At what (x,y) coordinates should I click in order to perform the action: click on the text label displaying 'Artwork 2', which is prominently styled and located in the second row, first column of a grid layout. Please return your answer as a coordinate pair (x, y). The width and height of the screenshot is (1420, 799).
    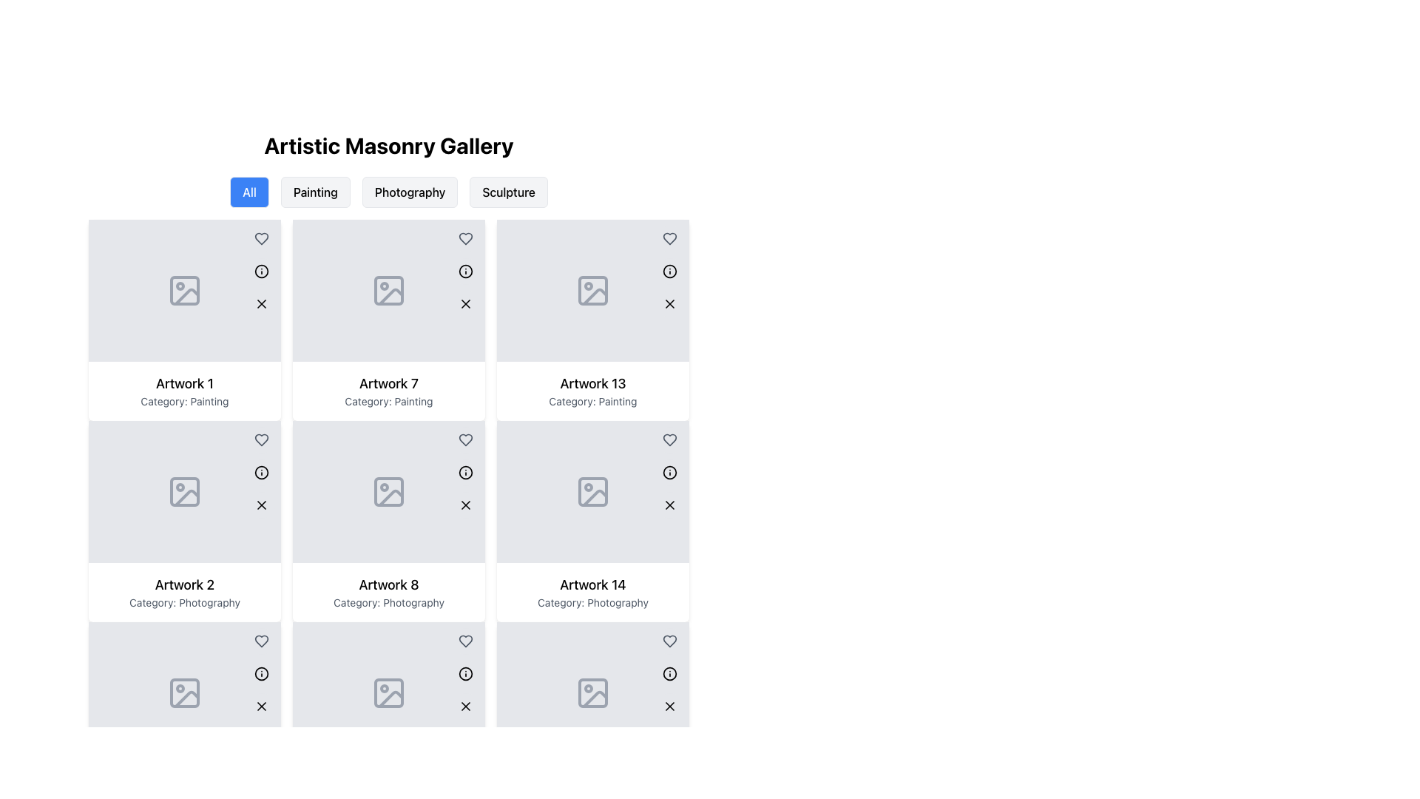
    Looking at the image, I should click on (183, 584).